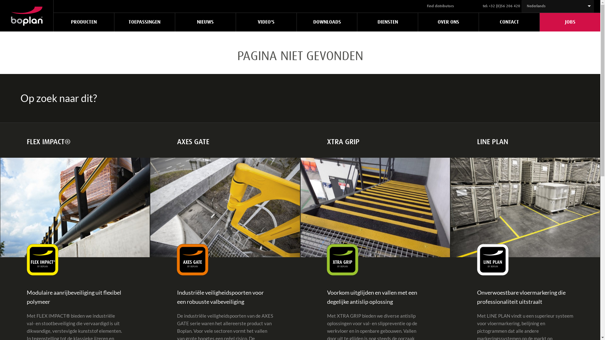 The width and height of the screenshot is (605, 340). I want to click on 'JOBS', so click(570, 22).